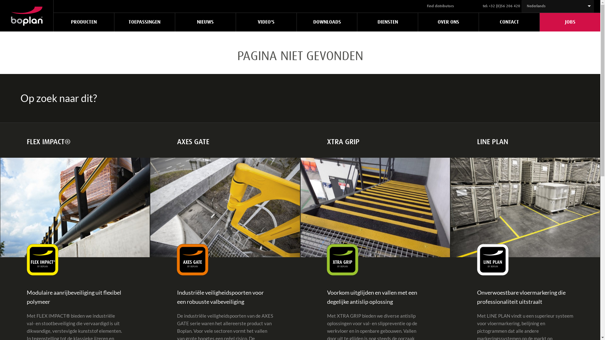 The width and height of the screenshot is (605, 340). I want to click on 'JOBS', so click(570, 22).